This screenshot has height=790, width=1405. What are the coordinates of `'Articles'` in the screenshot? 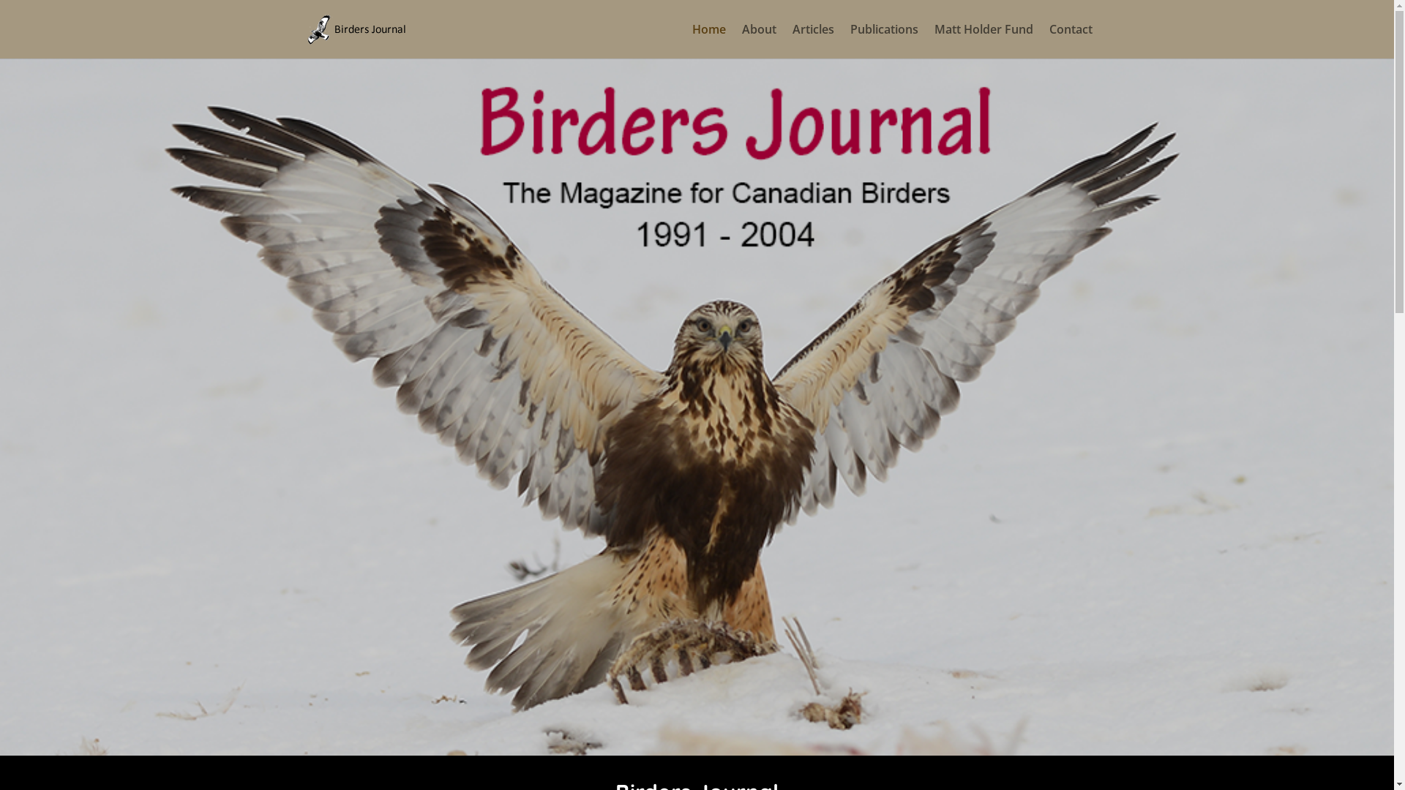 It's located at (790, 40).